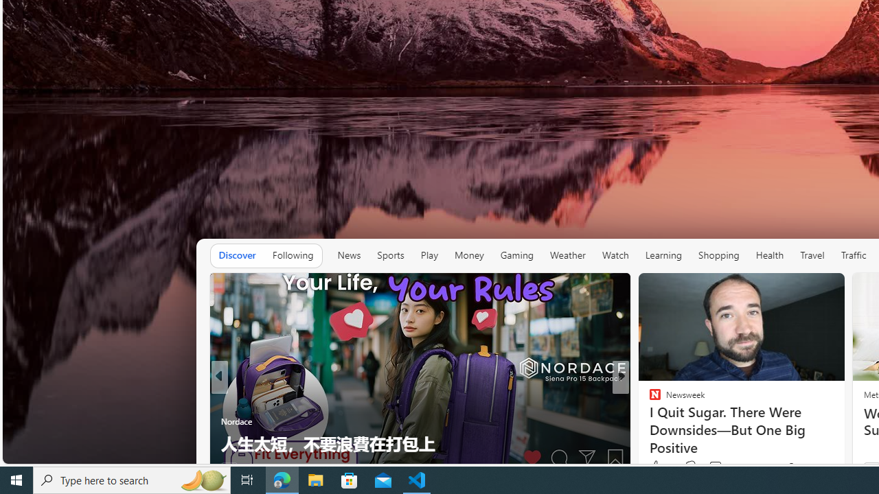 The height and width of the screenshot is (494, 879). Describe the element at coordinates (812, 255) in the screenshot. I see `'Travel'` at that location.